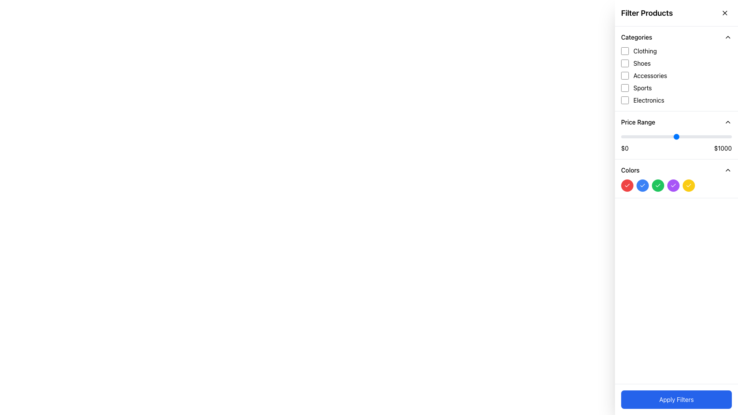 This screenshot has height=415, width=738. I want to click on the icon that visually indicates the active state of the purple circular button located in the Colors section of the sidebar, so click(673, 185).